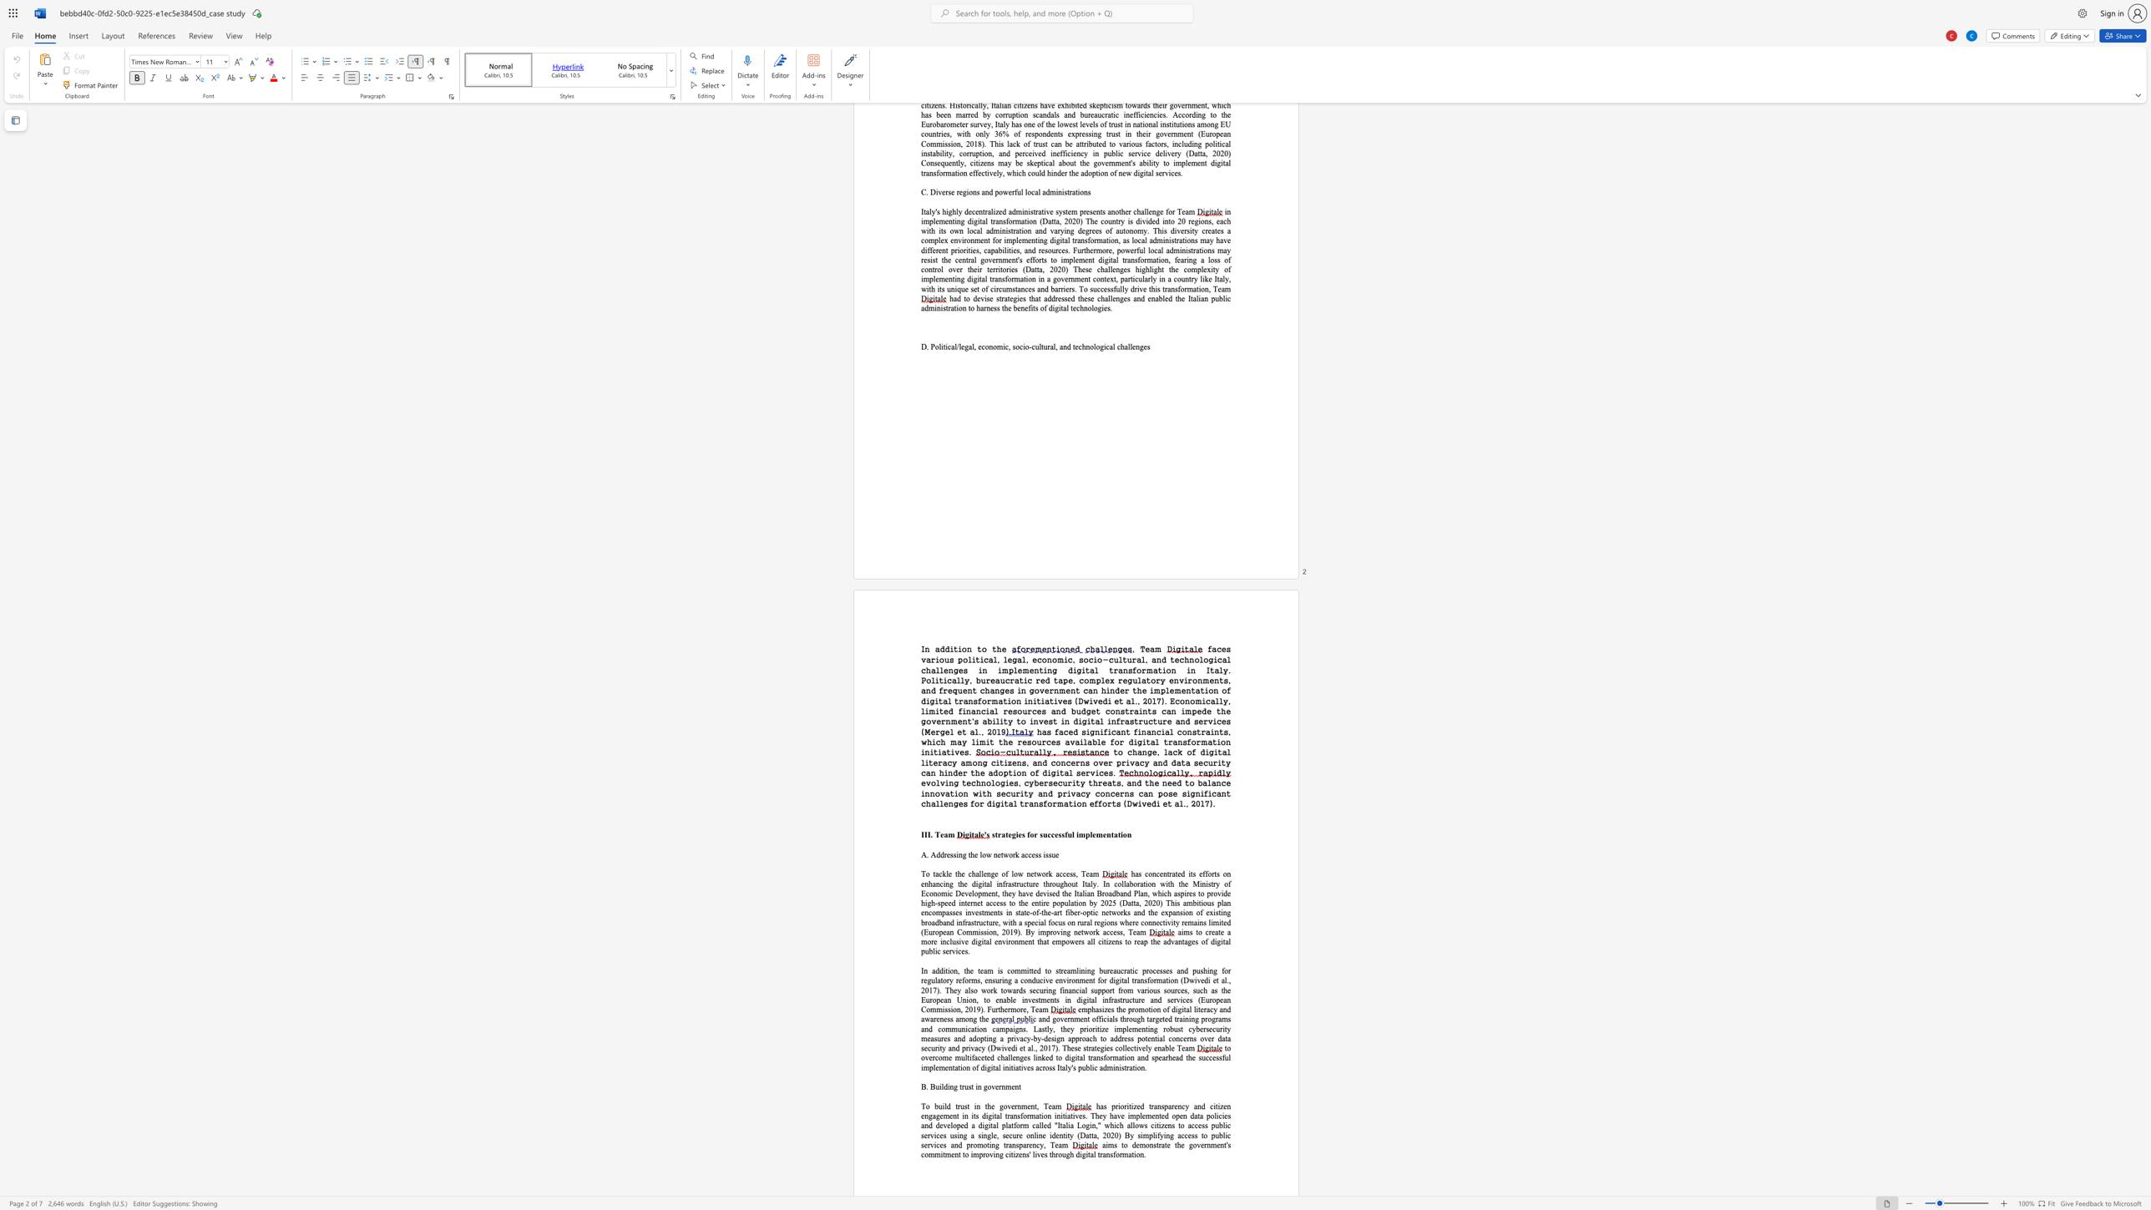  I want to click on the 4th character "e" in the text, so click(966, 942).